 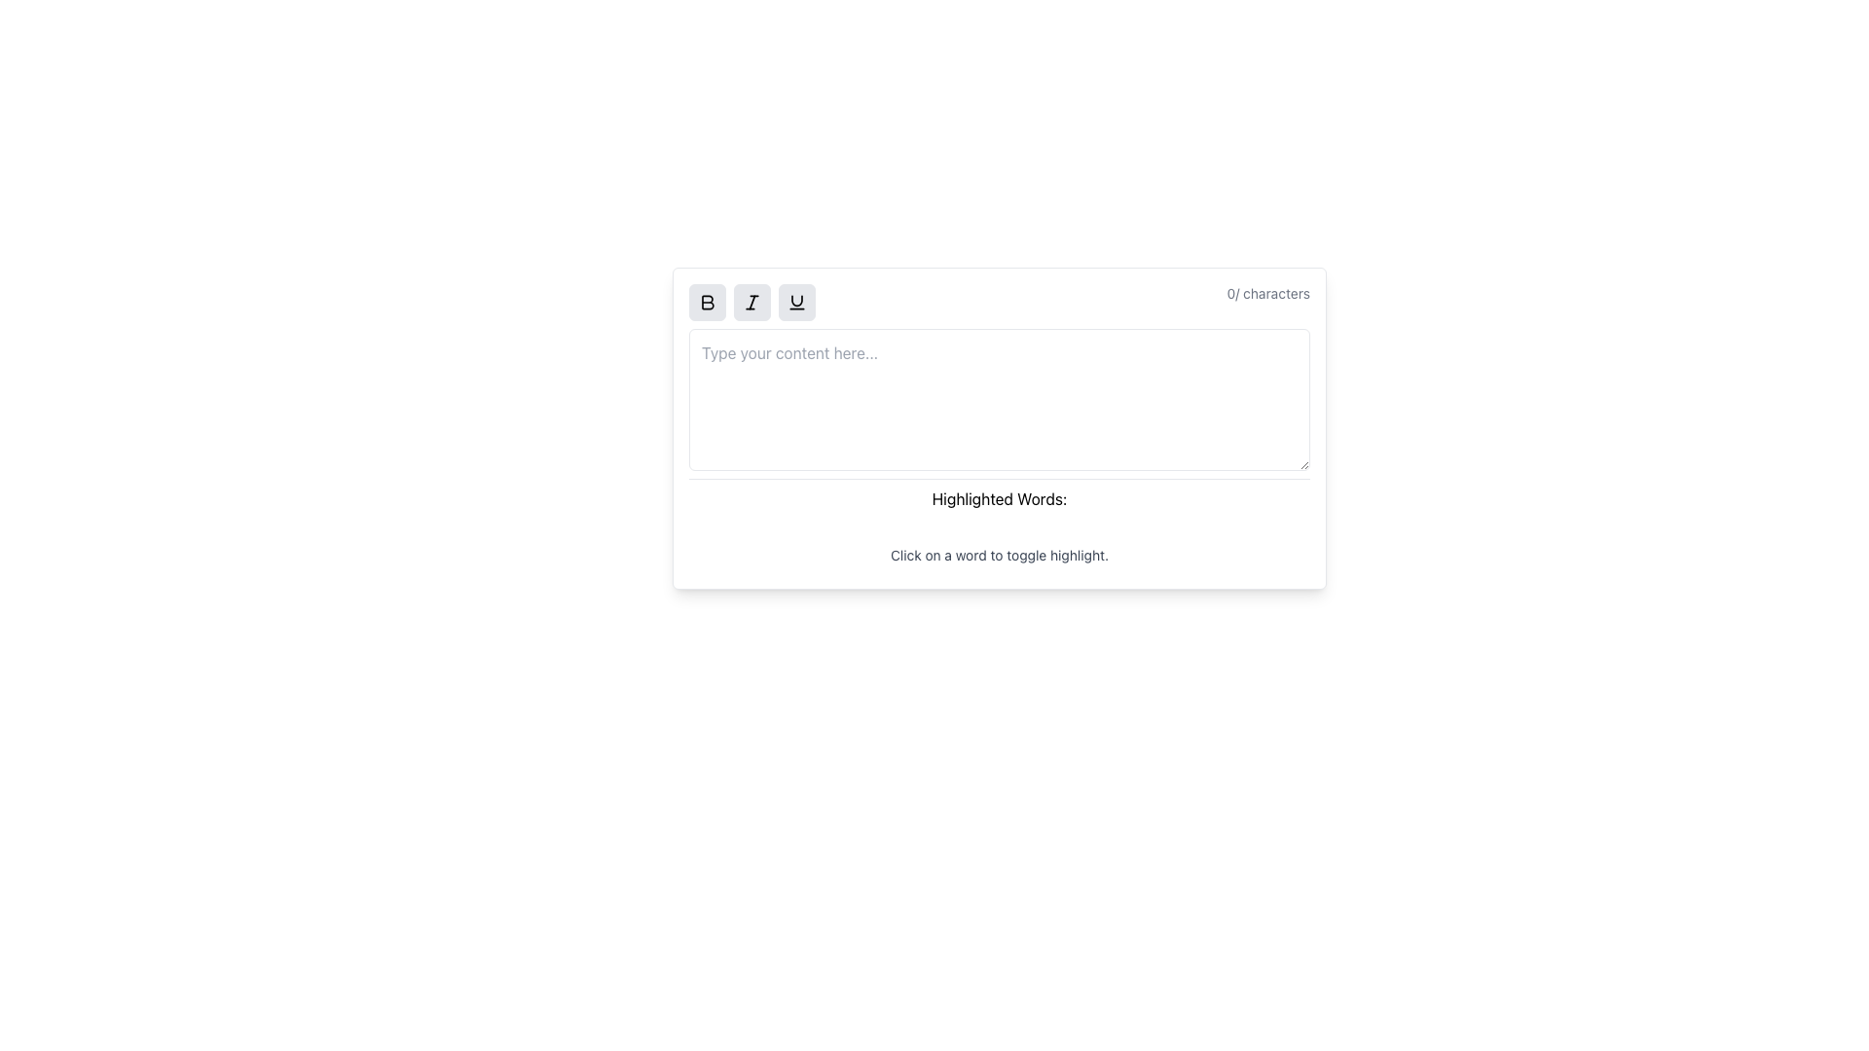 What do you see at coordinates (797, 303) in the screenshot?
I see `the underlining button located in the horizontal toolbar at the top of the content input area` at bounding box center [797, 303].